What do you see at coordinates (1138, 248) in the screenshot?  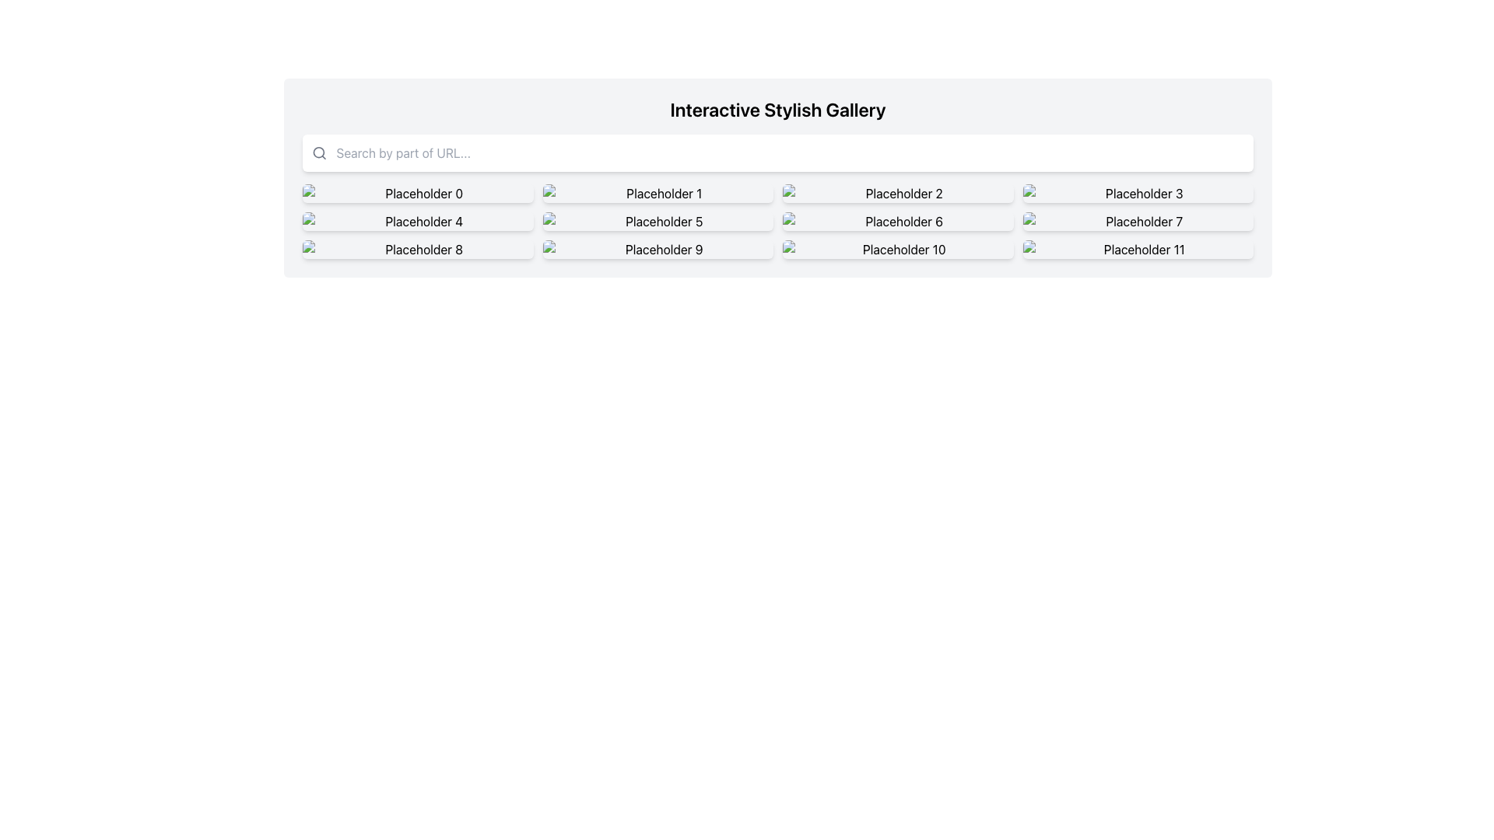 I see `the image with a text label located` at bounding box center [1138, 248].